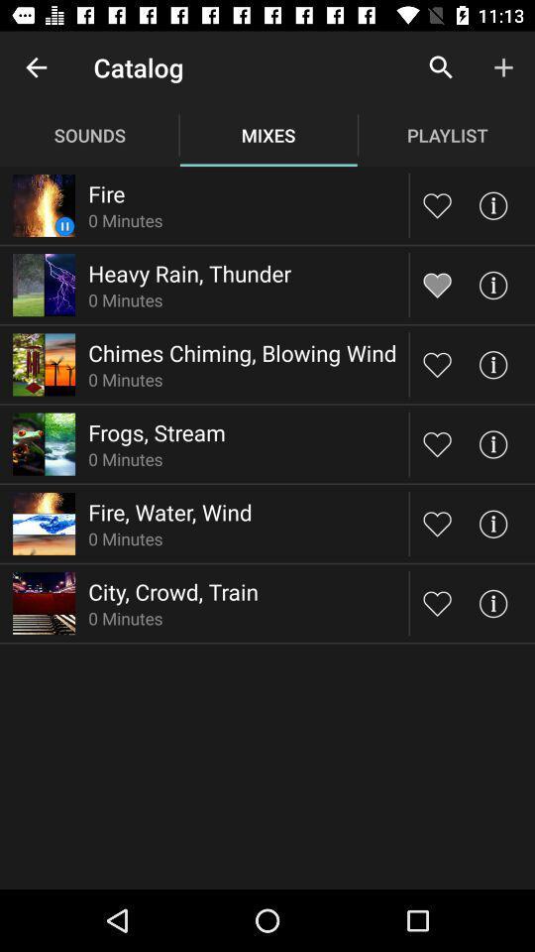 The width and height of the screenshot is (535, 952). I want to click on hit first message icon, so click(491, 205).